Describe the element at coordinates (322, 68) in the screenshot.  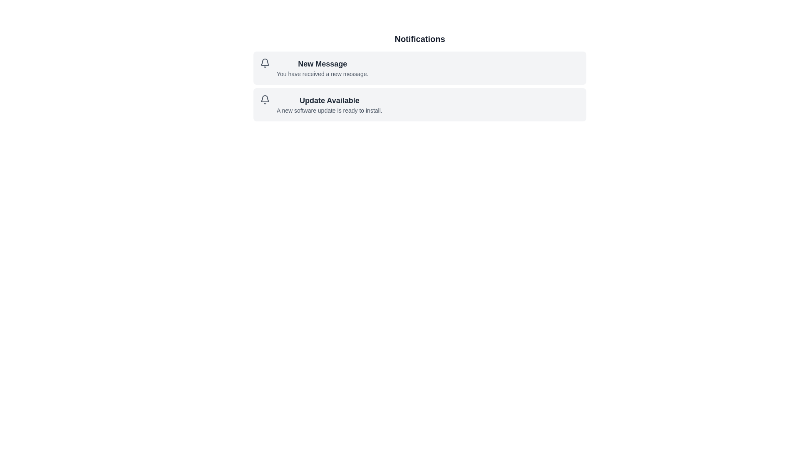
I see `the 'New Message' notification text display` at that location.